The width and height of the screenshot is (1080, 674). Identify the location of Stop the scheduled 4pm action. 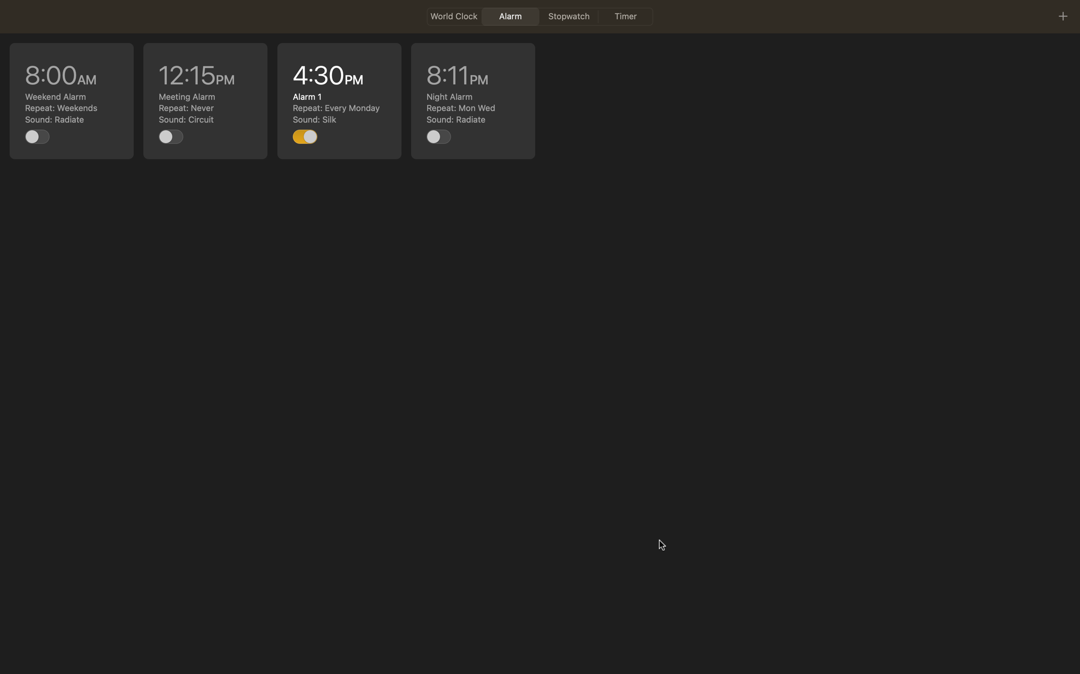
(305, 135).